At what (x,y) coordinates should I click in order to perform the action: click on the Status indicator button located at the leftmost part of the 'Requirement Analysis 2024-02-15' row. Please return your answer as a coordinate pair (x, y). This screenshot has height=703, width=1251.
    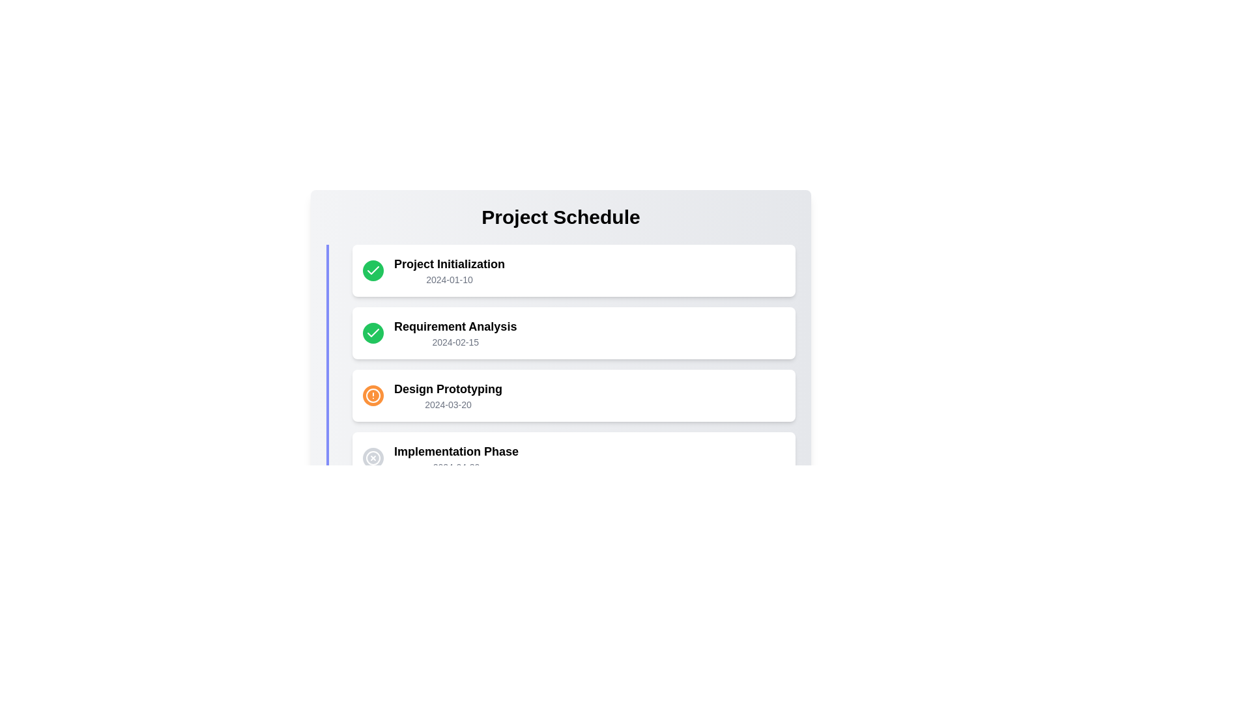
    Looking at the image, I should click on (372, 333).